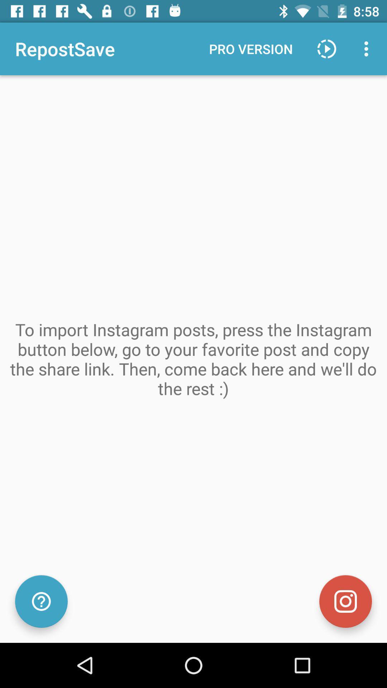 This screenshot has height=688, width=387. What do you see at coordinates (41, 601) in the screenshot?
I see `the item below to import instagram item` at bounding box center [41, 601].